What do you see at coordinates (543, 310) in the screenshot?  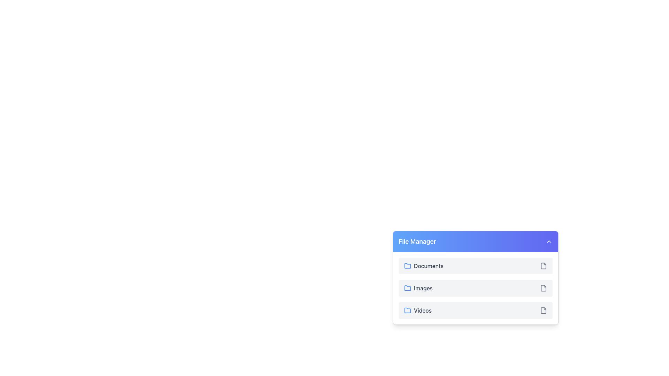 I see `the file action icon located in the rightmost part of the row labeled 'Videos'` at bounding box center [543, 310].